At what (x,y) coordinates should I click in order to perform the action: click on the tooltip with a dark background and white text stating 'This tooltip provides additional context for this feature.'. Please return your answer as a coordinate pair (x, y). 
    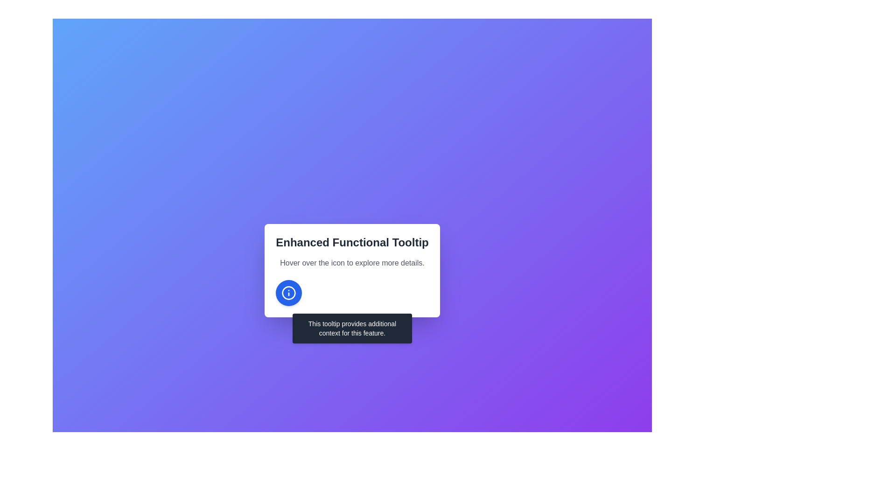
    Looking at the image, I should click on (351, 328).